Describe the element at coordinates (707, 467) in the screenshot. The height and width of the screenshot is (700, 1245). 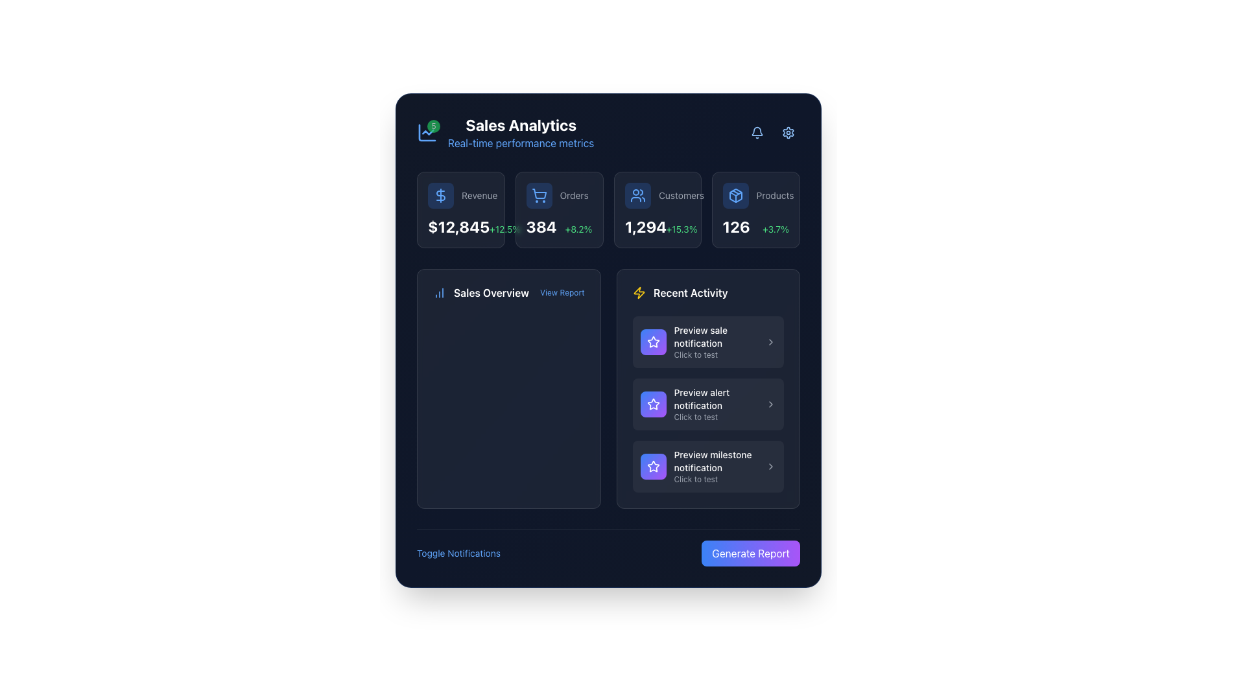
I see `the third button` at that location.